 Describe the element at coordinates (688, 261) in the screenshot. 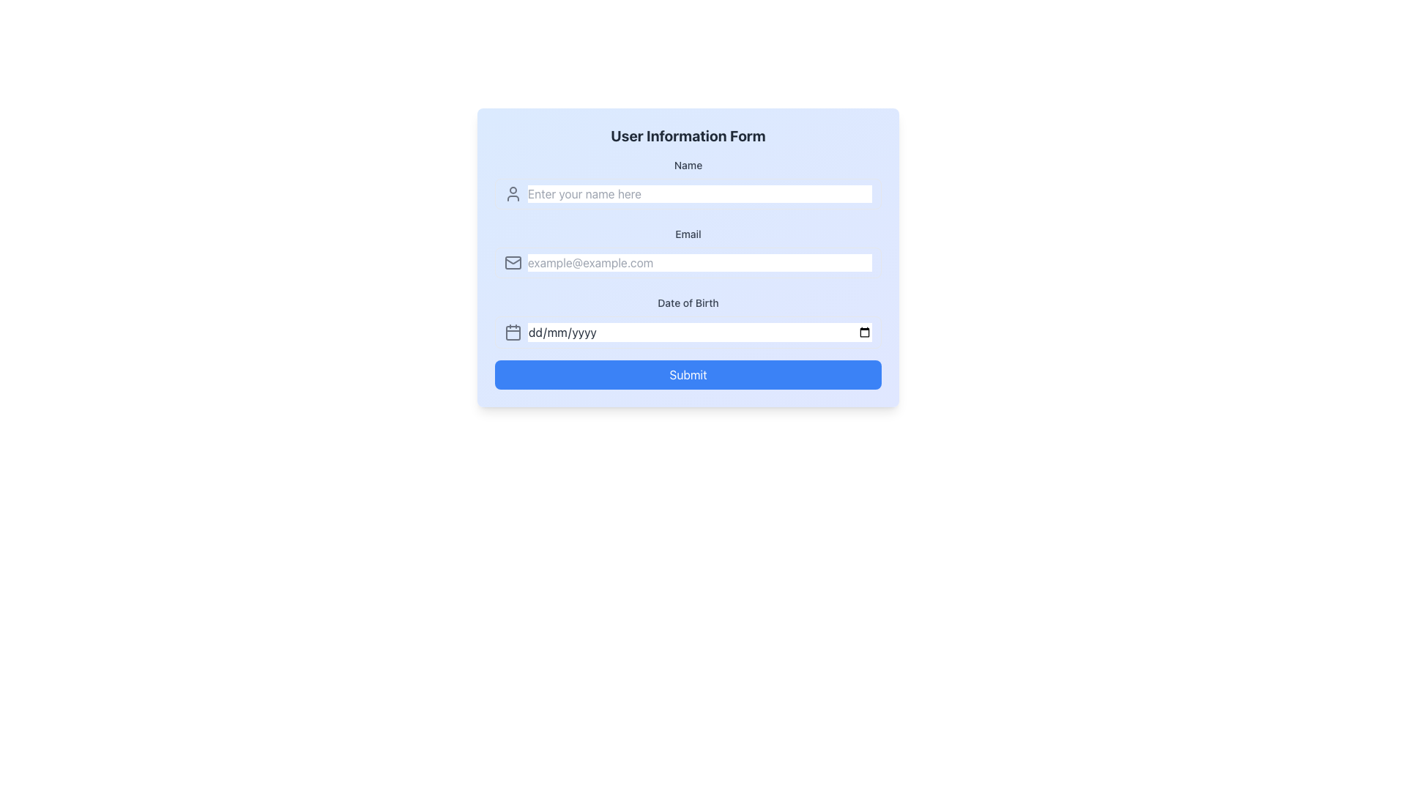

I see `the Email input field located in the middle segment of the form, beneath the Name input field and above the Date of Birth input field` at that location.